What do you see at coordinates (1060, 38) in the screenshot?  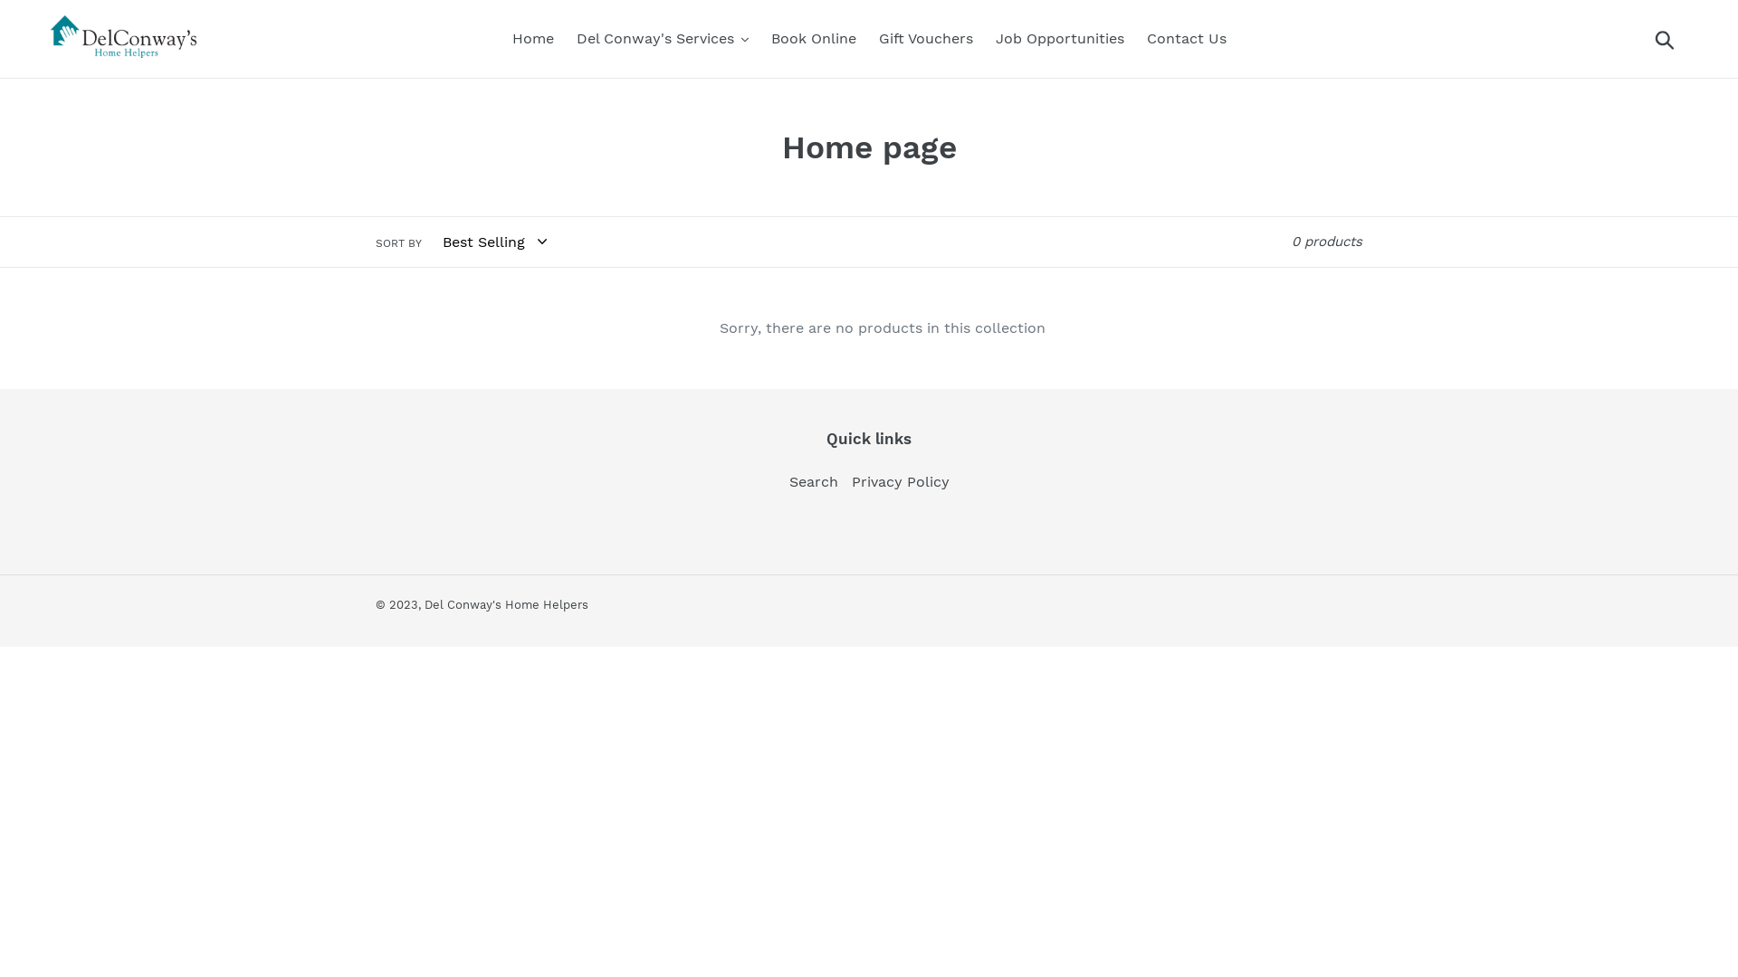 I see `'Job Opportunities'` at bounding box center [1060, 38].